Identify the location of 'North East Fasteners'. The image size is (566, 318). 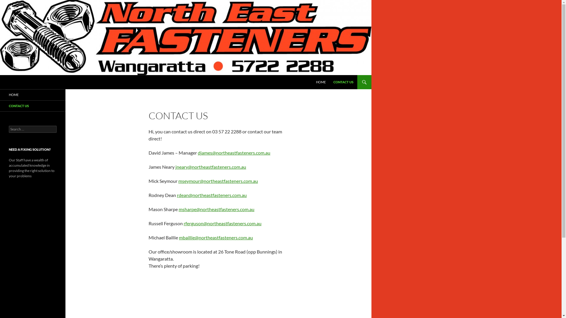
(33, 82).